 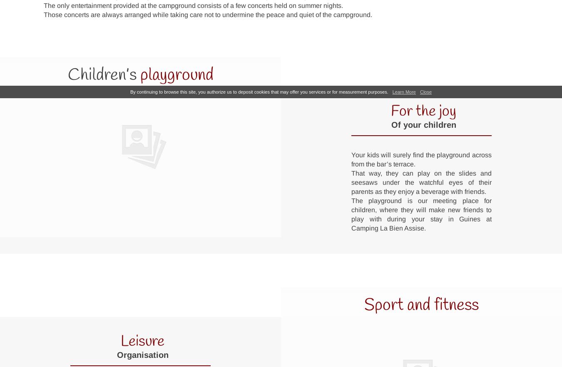 I want to click on 'Of your children', so click(x=390, y=124).